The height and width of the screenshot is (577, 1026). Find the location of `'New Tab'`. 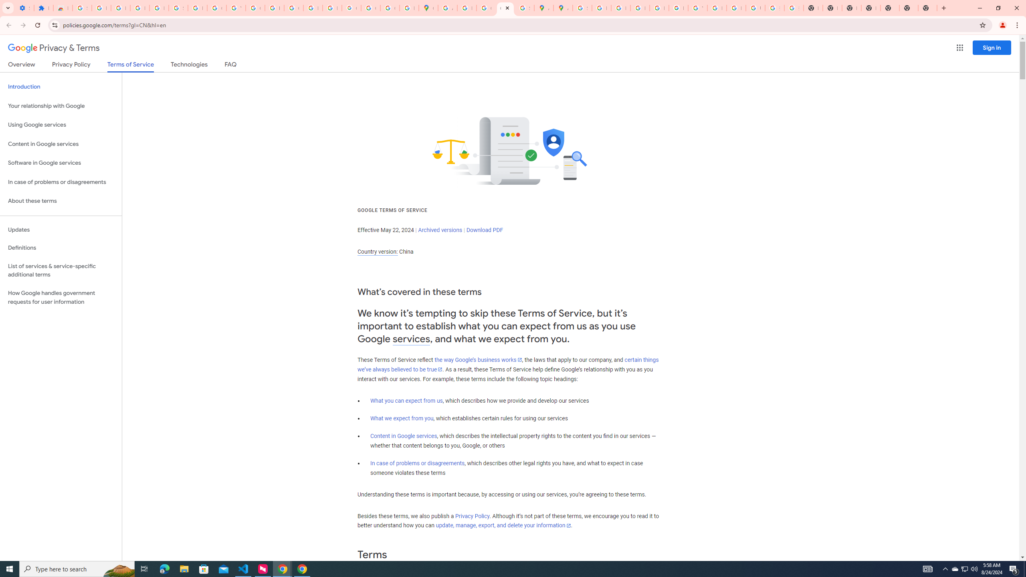

'New Tab' is located at coordinates (927, 8).